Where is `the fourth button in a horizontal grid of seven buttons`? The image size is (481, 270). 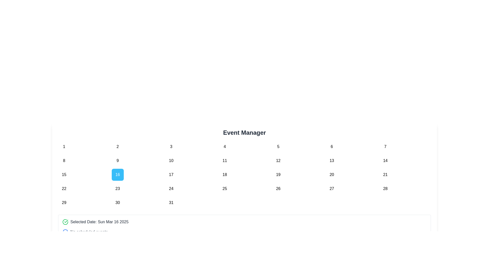
the fourth button in a horizontal grid of seven buttons is located at coordinates (224, 146).